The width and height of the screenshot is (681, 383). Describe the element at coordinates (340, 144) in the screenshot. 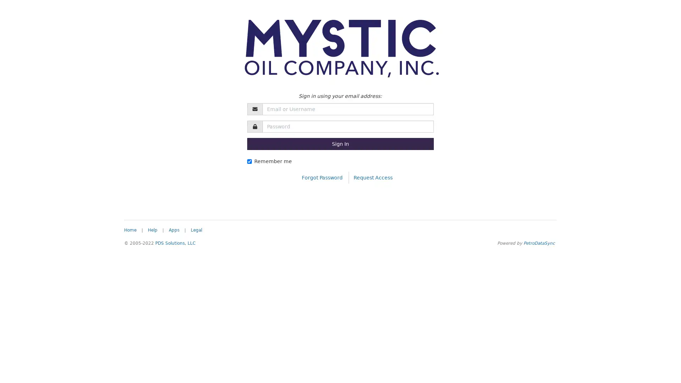

I see `Sign In` at that location.